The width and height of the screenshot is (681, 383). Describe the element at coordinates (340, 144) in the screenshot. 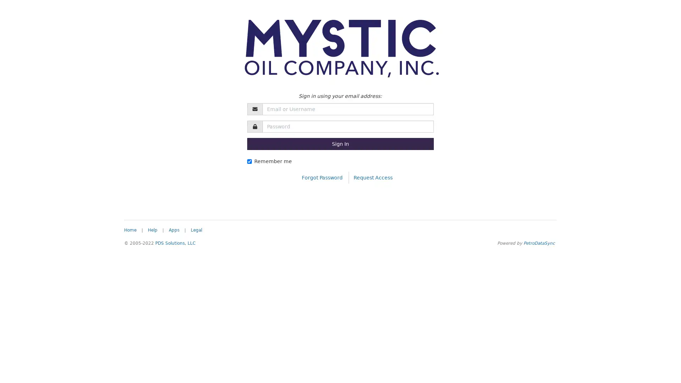

I see `Sign In` at that location.